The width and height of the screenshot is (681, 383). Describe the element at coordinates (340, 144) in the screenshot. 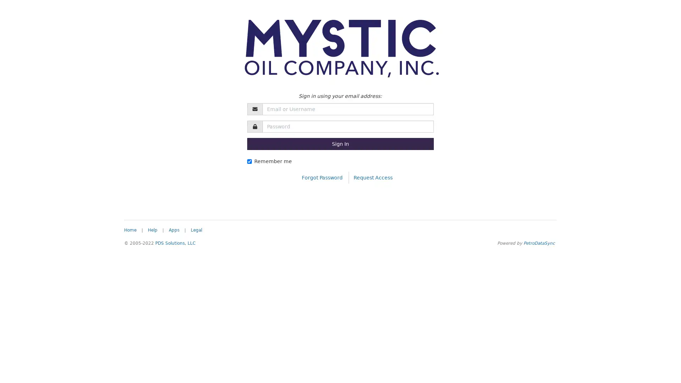

I see `Sign In` at that location.